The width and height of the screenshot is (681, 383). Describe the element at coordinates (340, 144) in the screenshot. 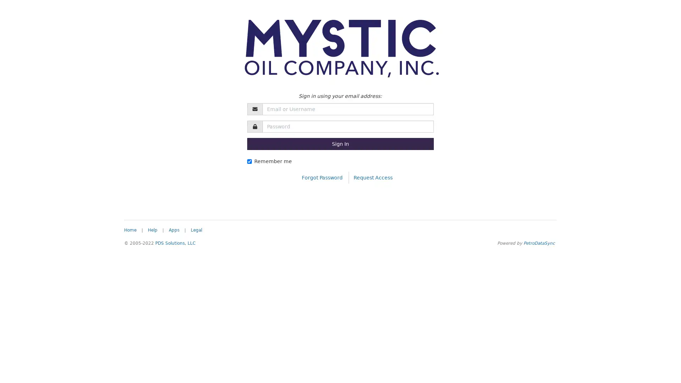

I see `Sign In` at that location.